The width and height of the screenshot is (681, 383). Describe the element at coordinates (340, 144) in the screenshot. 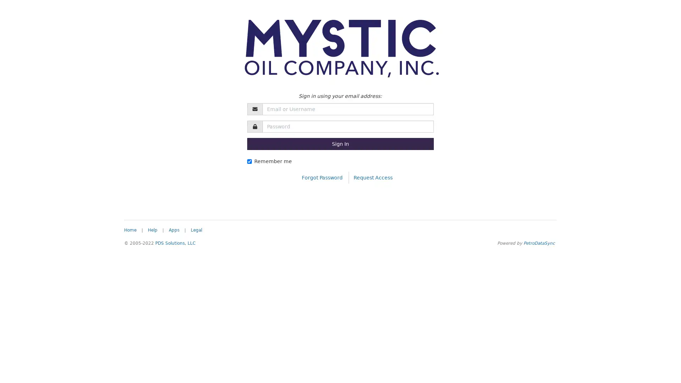

I see `Sign In` at that location.